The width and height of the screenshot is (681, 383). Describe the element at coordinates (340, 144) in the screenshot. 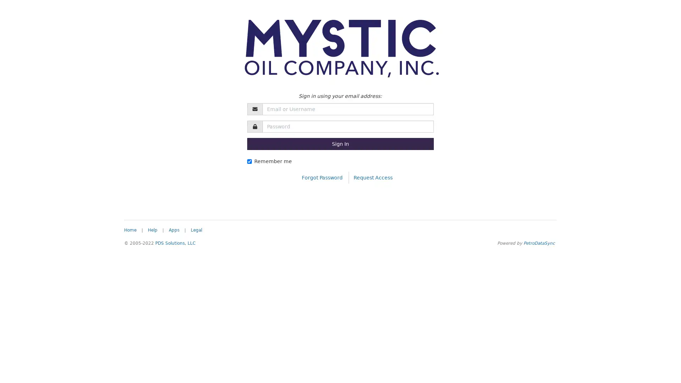

I see `Sign In` at that location.